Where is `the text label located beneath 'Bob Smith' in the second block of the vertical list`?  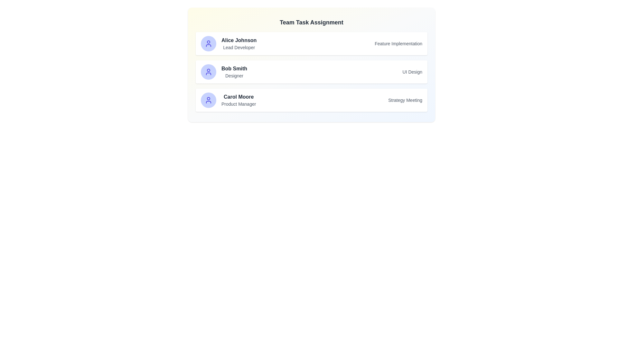
the text label located beneath 'Bob Smith' in the second block of the vertical list is located at coordinates (234, 75).